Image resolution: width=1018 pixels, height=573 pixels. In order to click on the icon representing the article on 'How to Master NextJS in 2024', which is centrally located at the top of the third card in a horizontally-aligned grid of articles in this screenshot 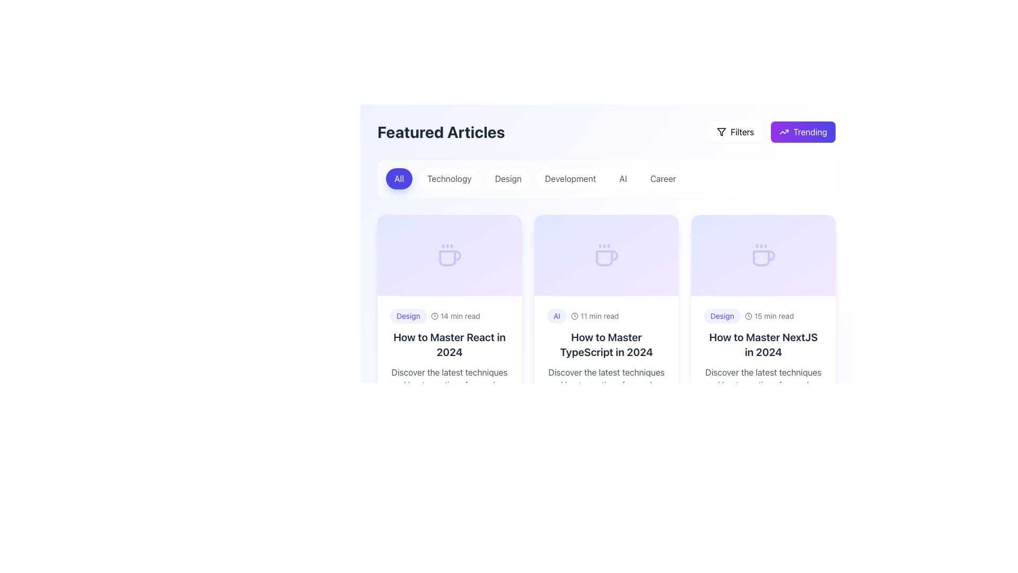, I will do `click(763, 255)`.